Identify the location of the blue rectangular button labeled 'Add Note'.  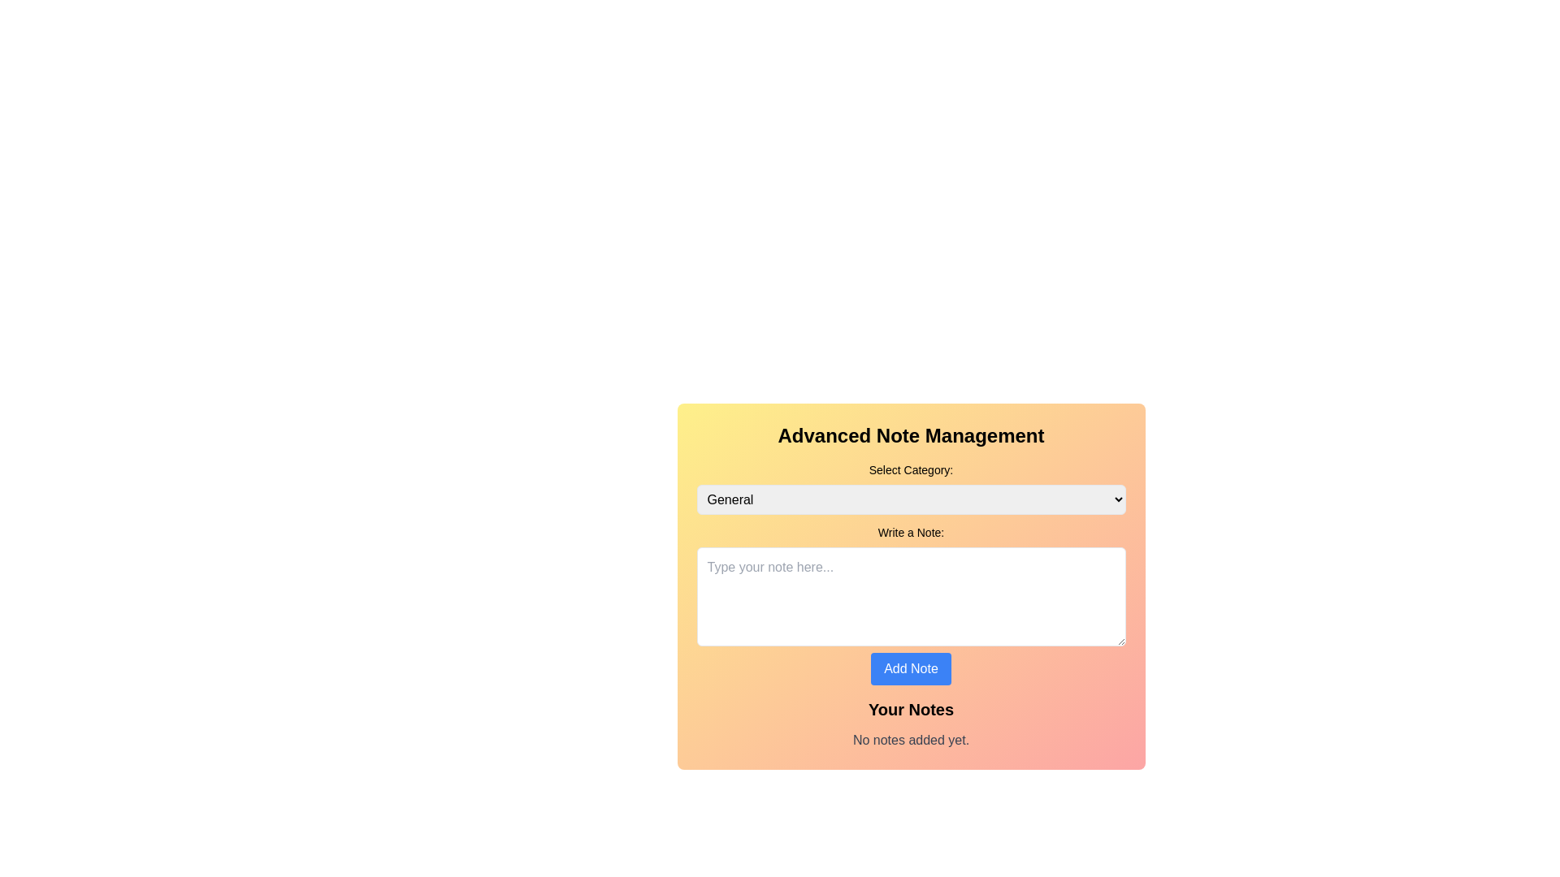
(911, 669).